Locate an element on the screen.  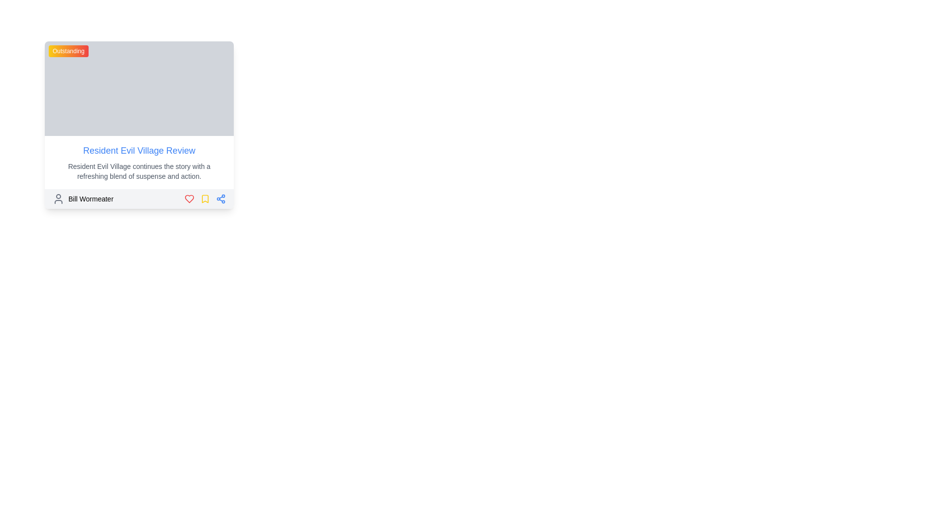
the bookmark icon button located at the bottom right of the card is located at coordinates (205, 199).